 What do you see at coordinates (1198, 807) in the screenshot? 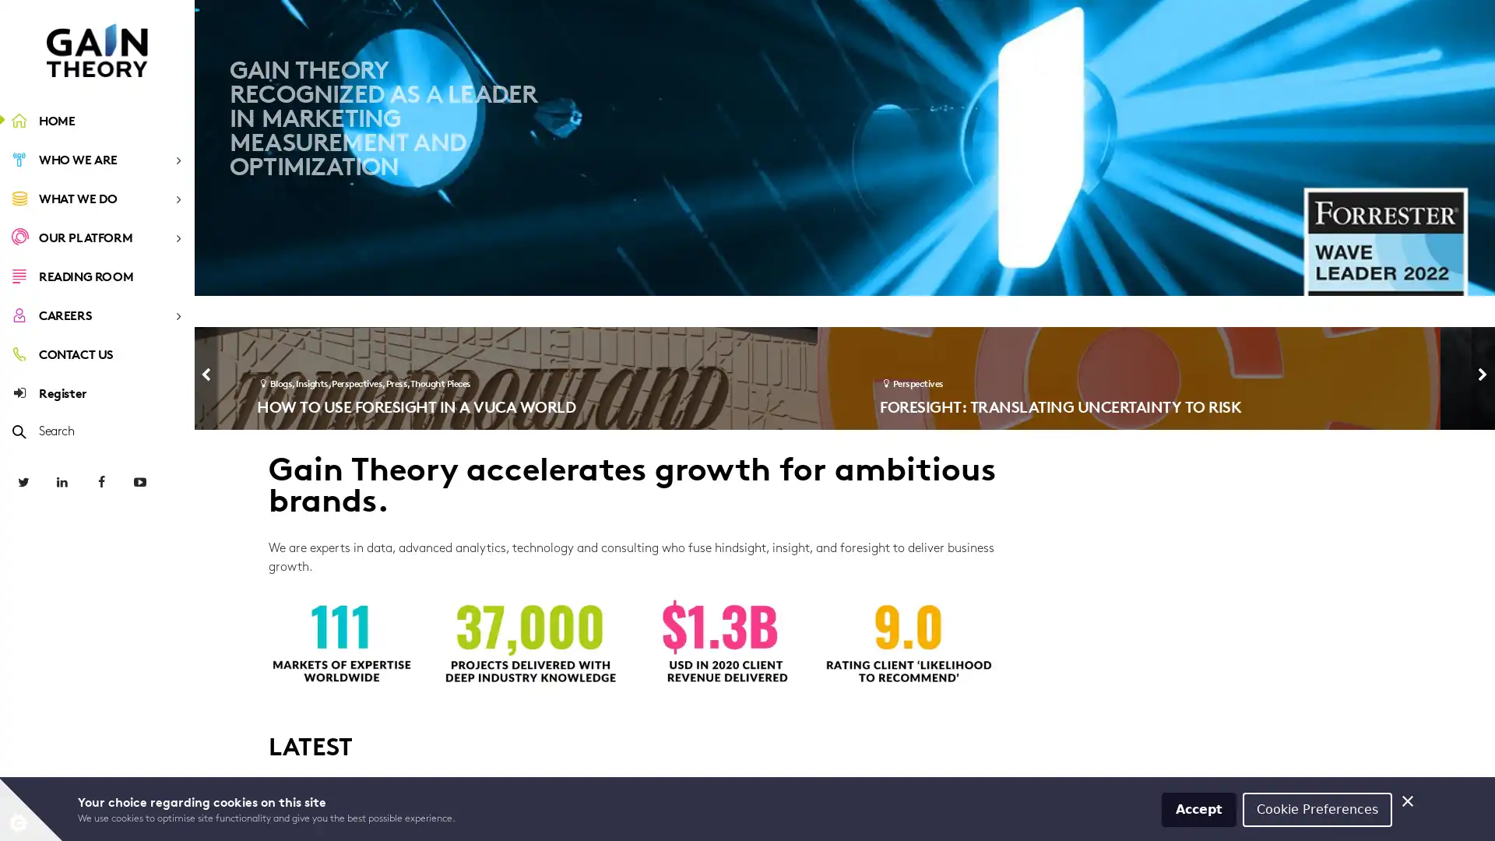
I see `Accept` at bounding box center [1198, 807].